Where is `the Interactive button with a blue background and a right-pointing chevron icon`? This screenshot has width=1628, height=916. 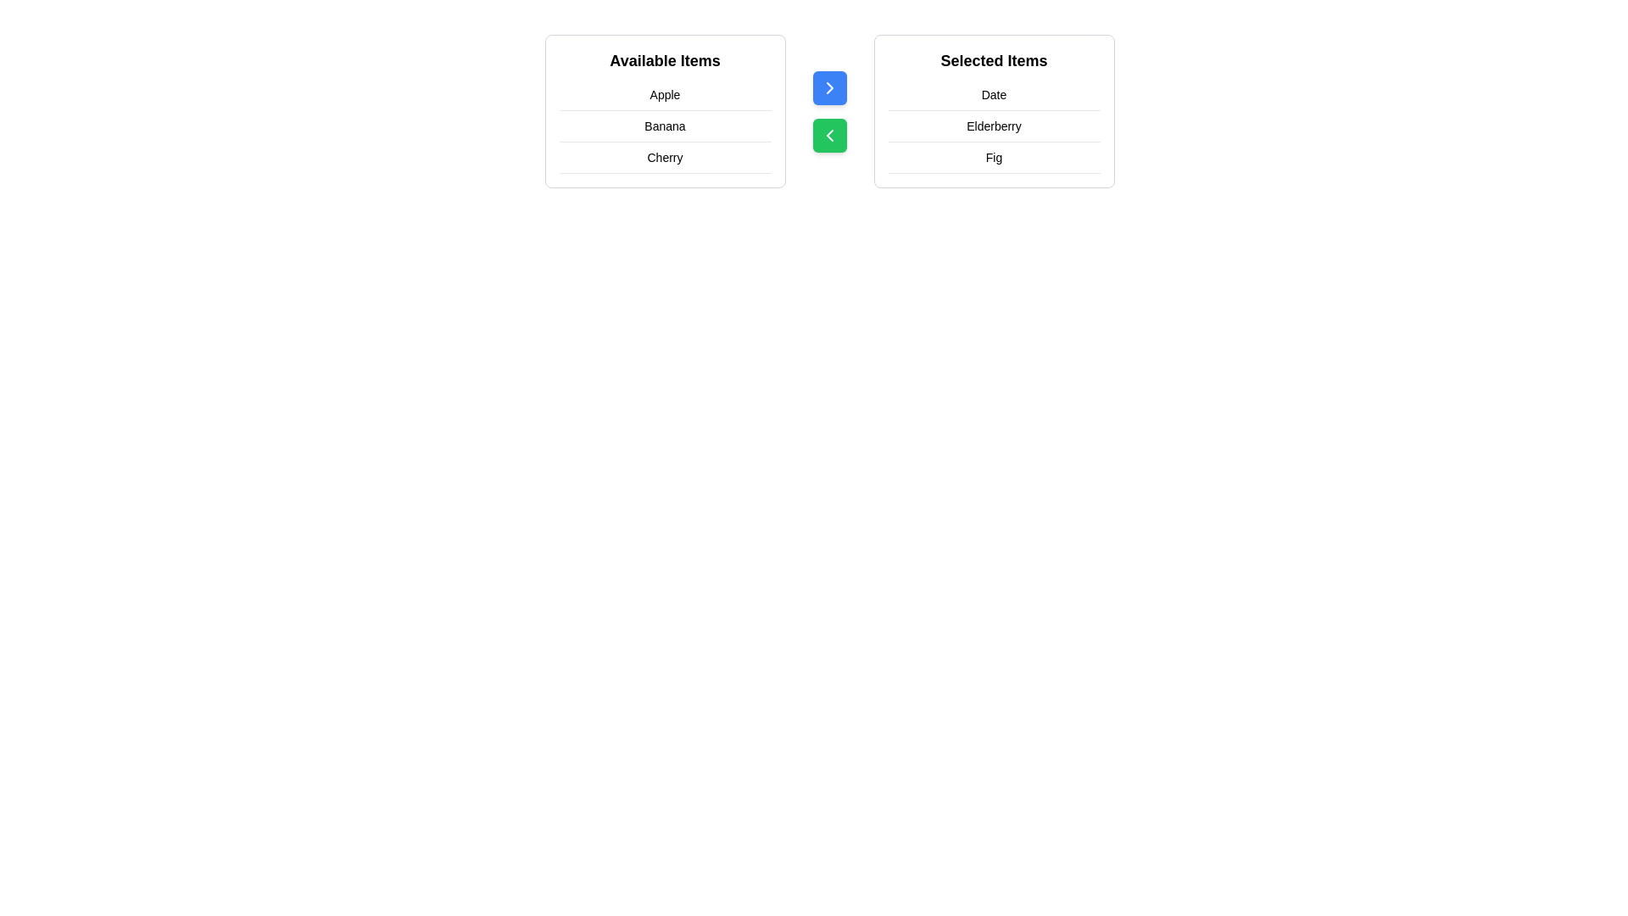 the Interactive button with a blue background and a right-pointing chevron icon is located at coordinates (829, 111).